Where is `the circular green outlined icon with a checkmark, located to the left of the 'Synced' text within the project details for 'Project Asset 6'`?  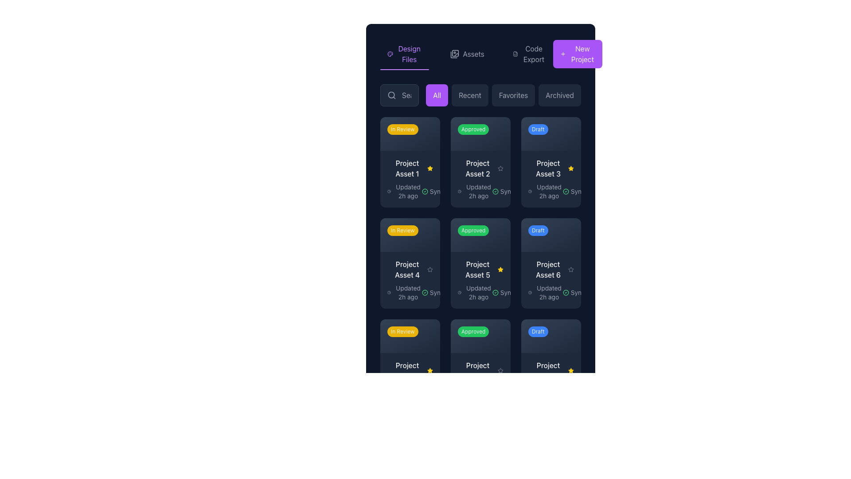
the circular green outlined icon with a checkmark, located to the left of the 'Synced' text within the project details for 'Project Asset 6' is located at coordinates (565, 292).